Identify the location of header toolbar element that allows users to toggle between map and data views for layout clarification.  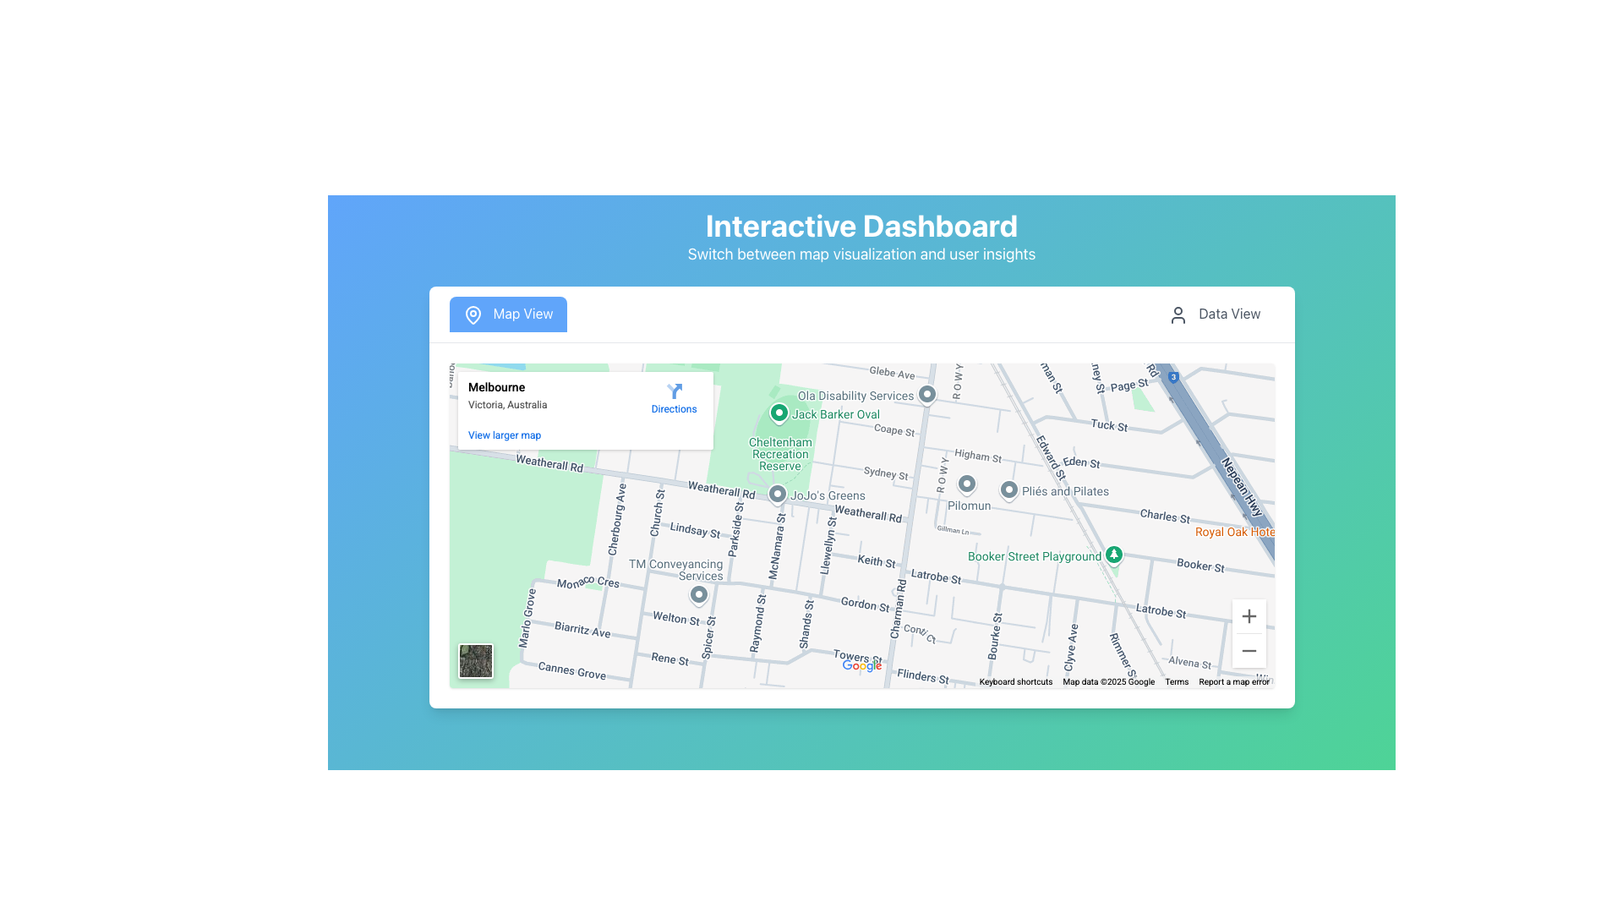
(861, 314).